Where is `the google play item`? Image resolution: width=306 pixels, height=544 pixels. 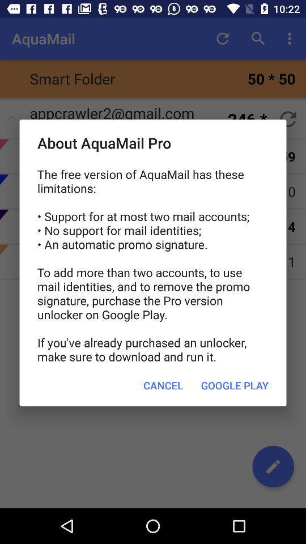
the google play item is located at coordinates (234, 385).